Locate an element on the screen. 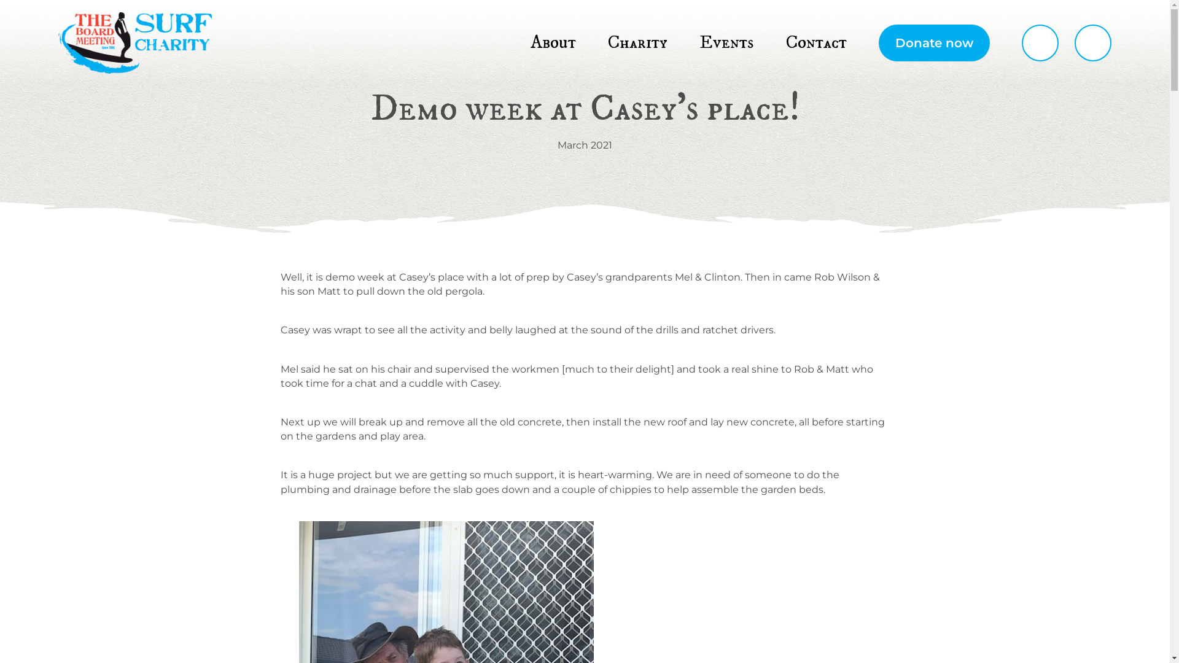 The width and height of the screenshot is (1179, 663). 'Instagram' is located at coordinates (1074, 42).